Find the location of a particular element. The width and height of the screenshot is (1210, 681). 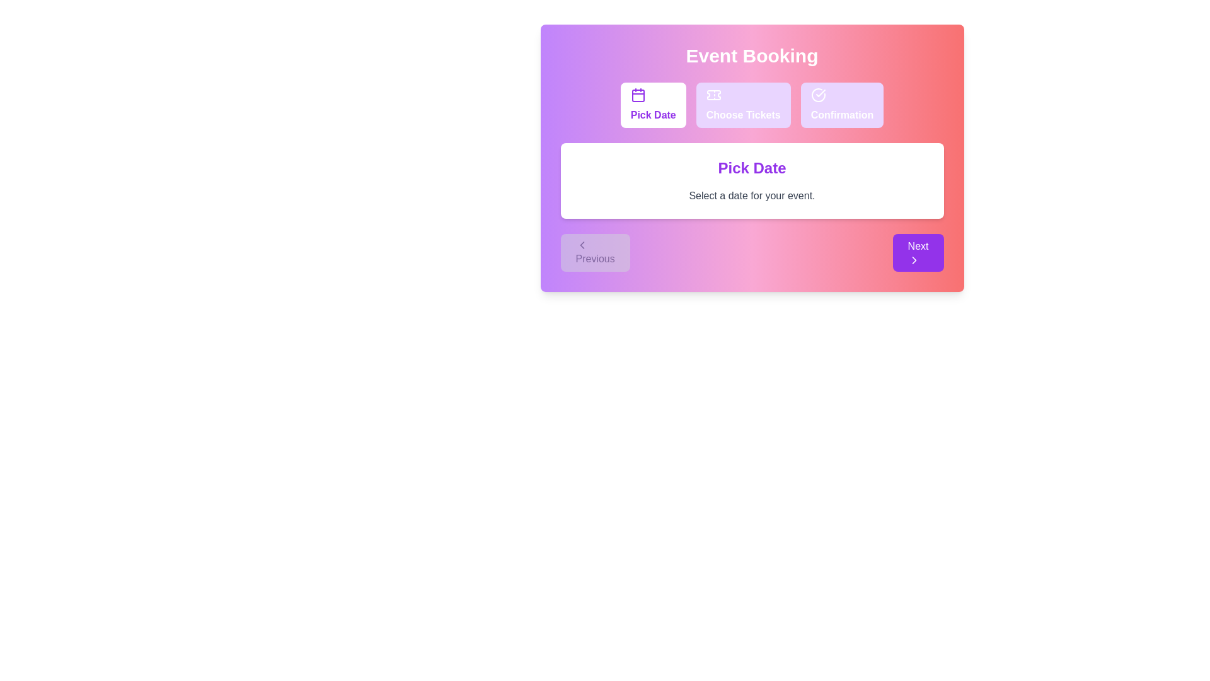

the 'Next' button located in the bottom-right corner of the card-like interface, which features a right-facing arrow icon and the label 'Next' is located at coordinates (914, 259).